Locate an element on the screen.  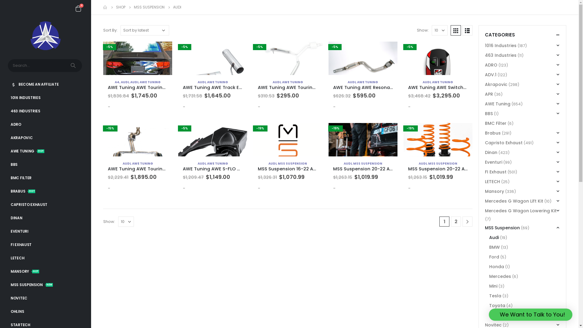
'EVENTURI' is located at coordinates (9, 231).